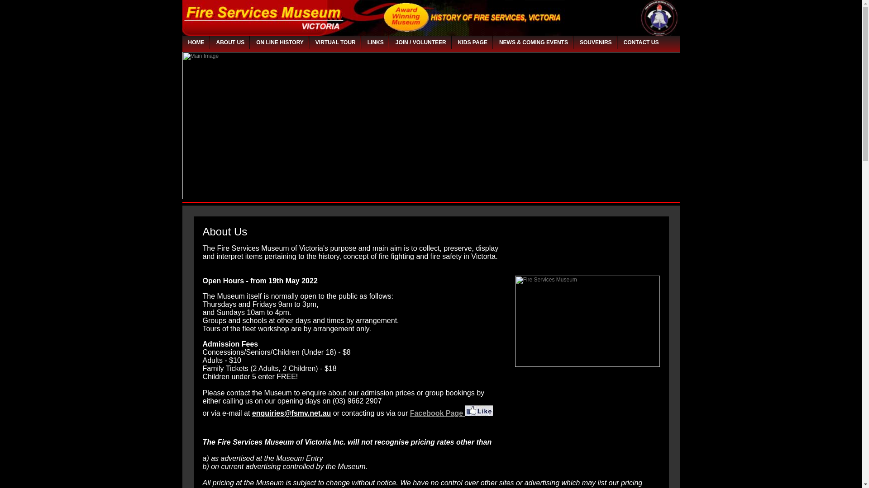 The height and width of the screenshot is (488, 869). Describe the element at coordinates (452, 413) in the screenshot. I see `'Facebook Page'` at that location.